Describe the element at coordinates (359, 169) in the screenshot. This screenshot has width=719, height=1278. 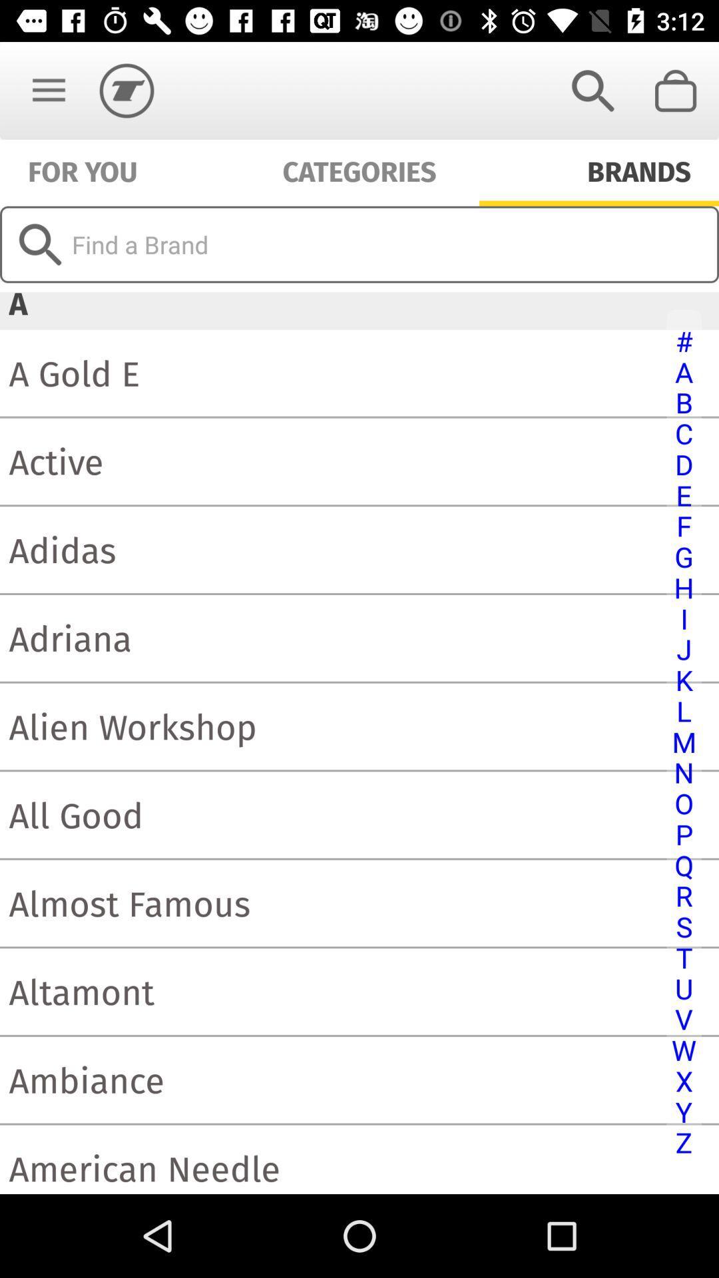
I see `categories item` at that location.